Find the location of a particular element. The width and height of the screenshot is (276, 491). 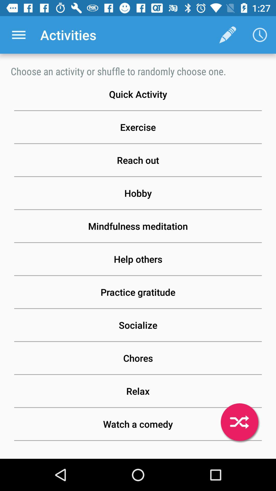

the watch a comedy button is located at coordinates (138, 424).